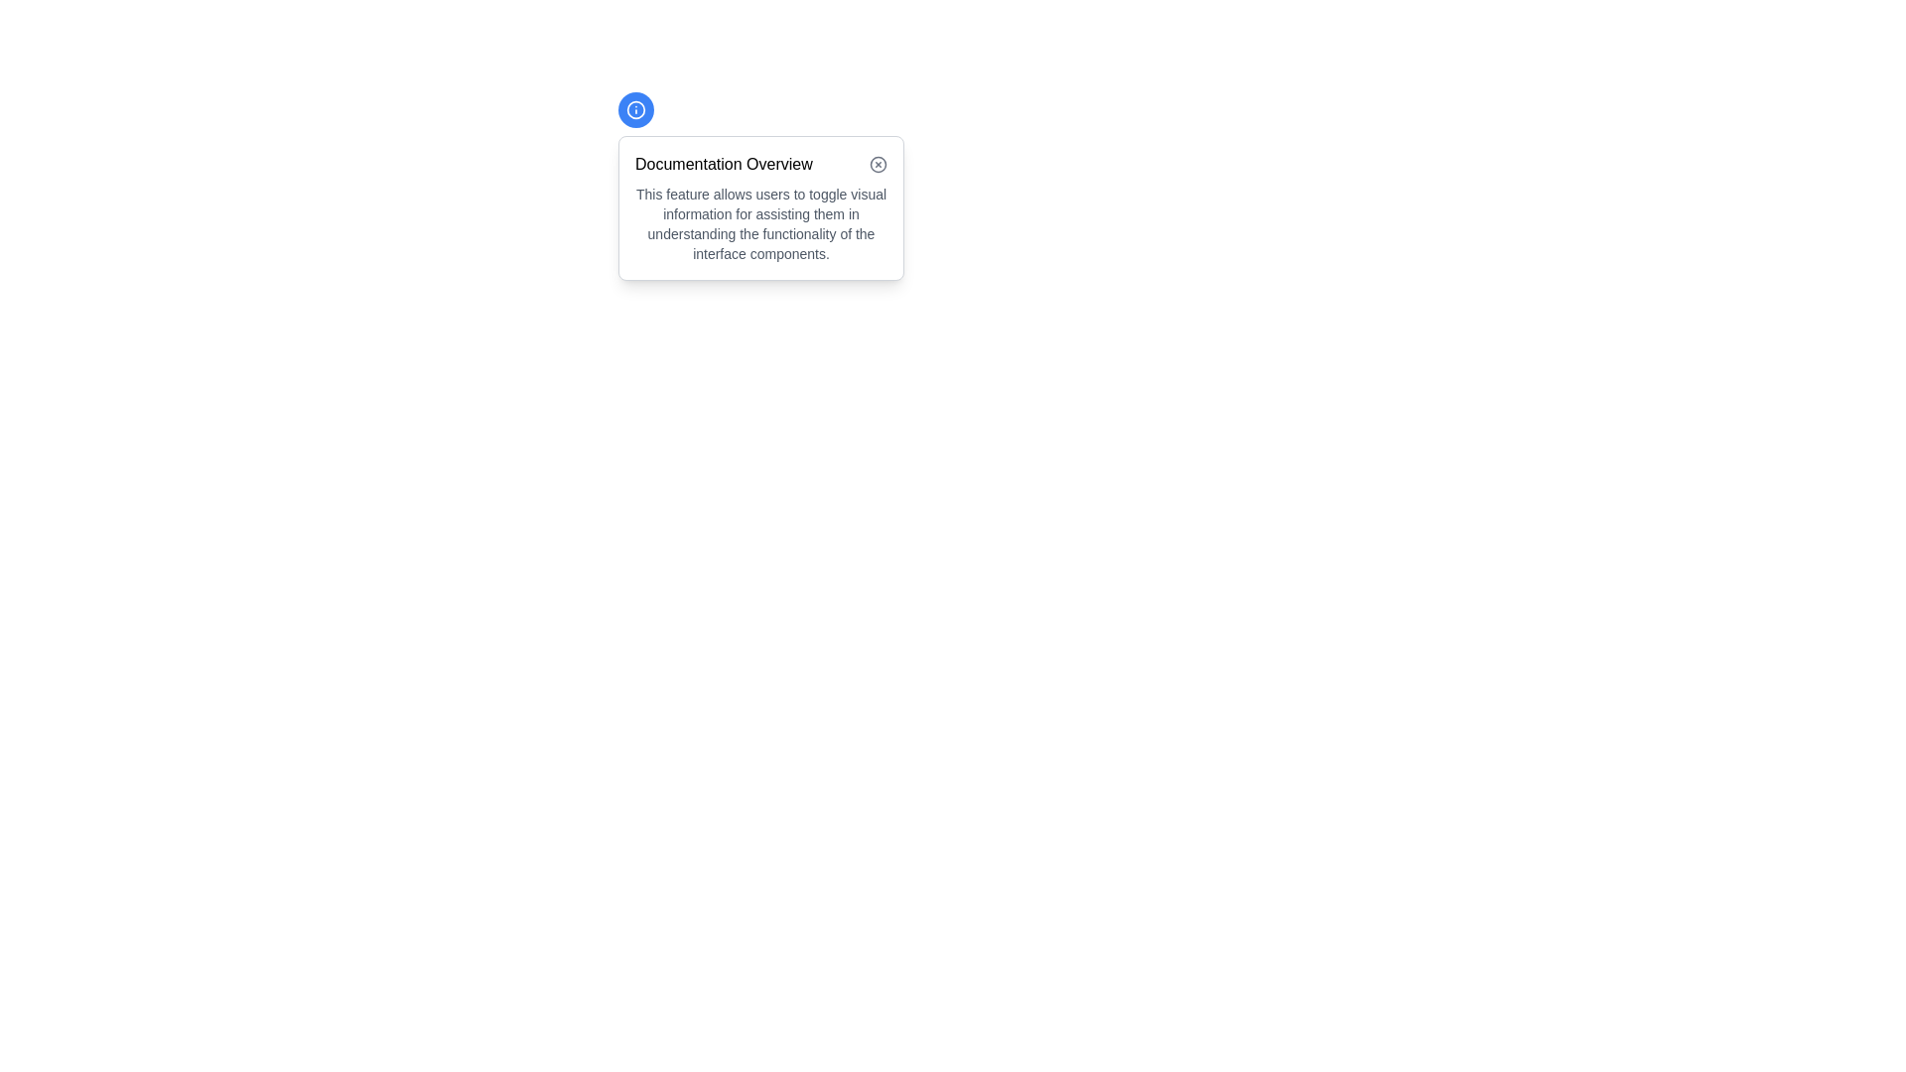 This screenshot has height=1072, width=1906. Describe the element at coordinates (760, 223) in the screenshot. I see `descriptive information paragraph located below the 'Documentation Overview' header in the white card` at that location.